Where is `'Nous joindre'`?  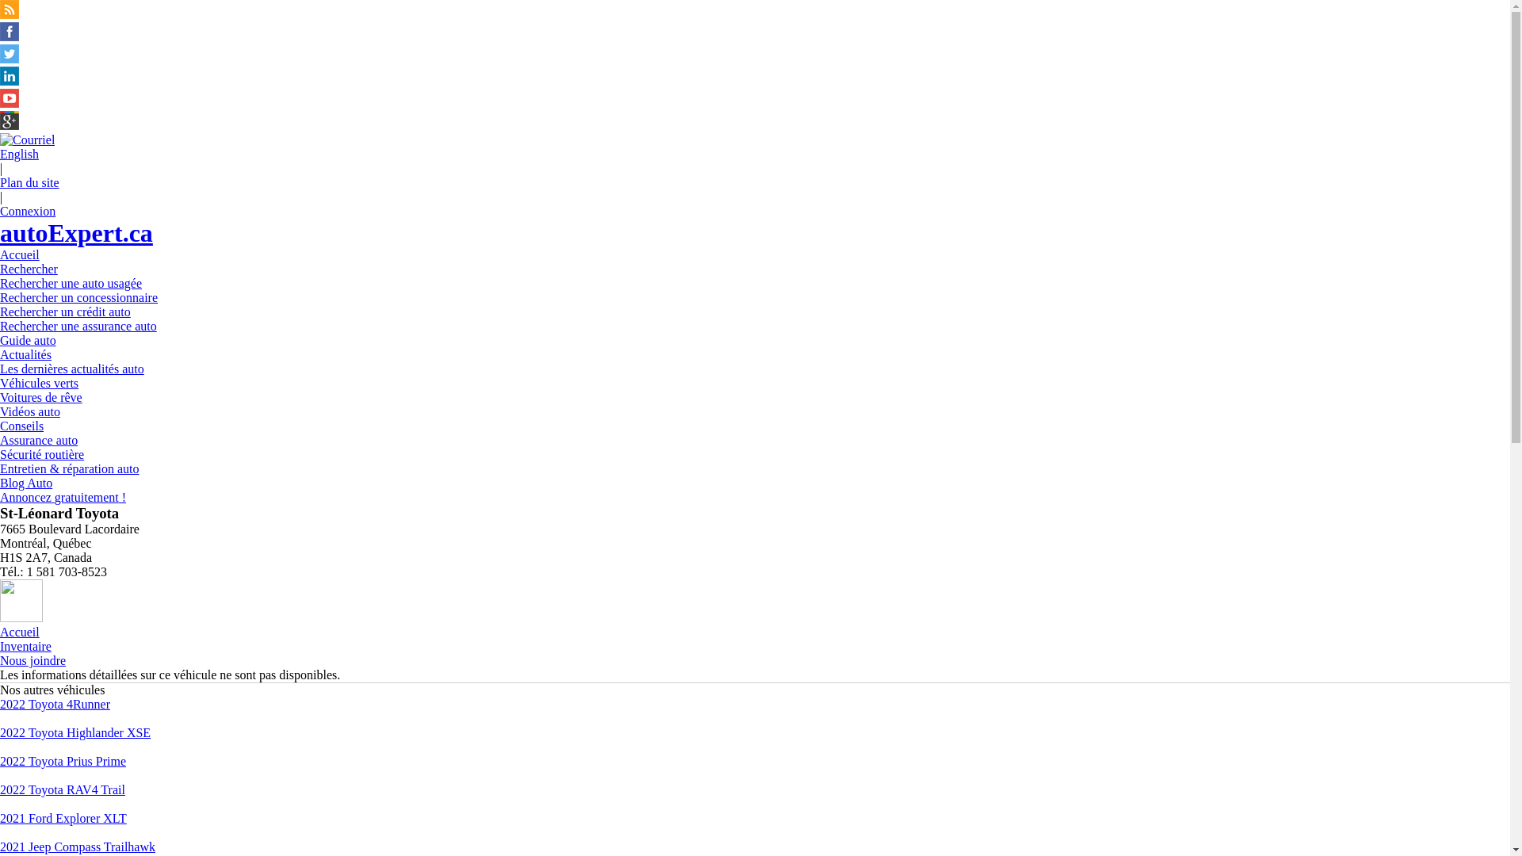
'Nous joindre' is located at coordinates (33, 660).